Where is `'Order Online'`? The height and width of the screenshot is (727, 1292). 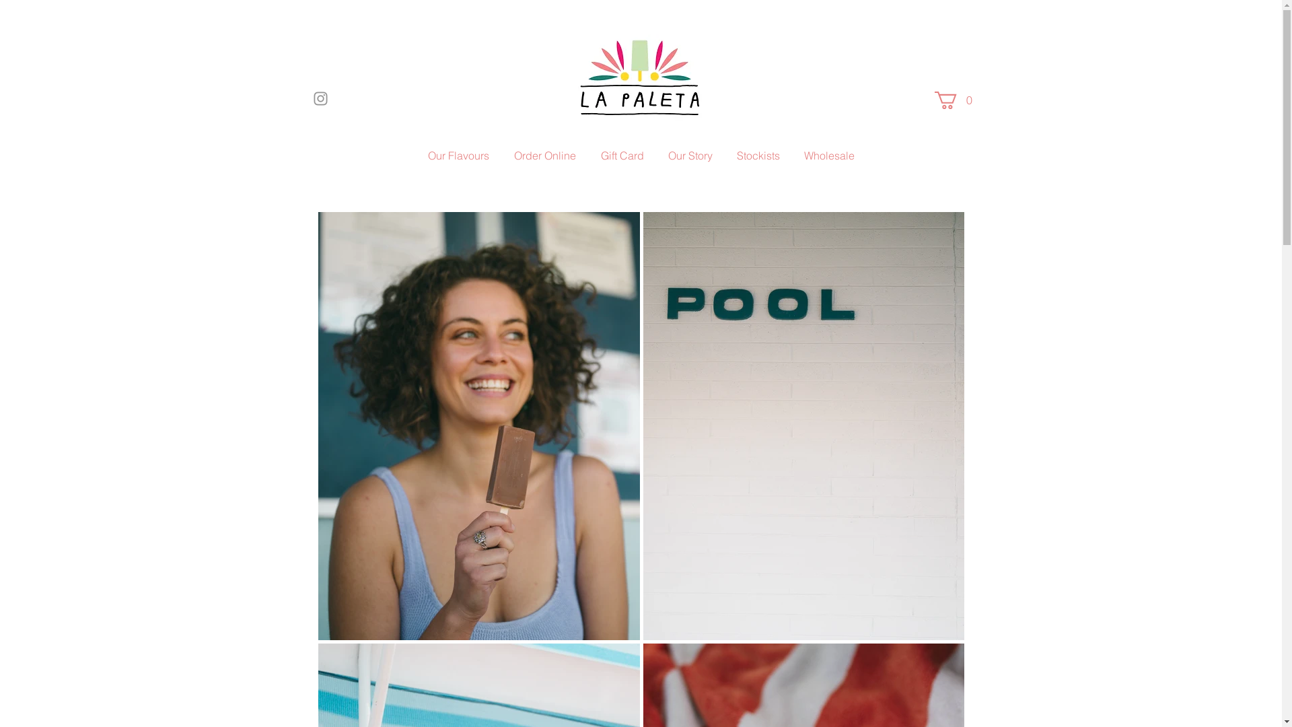 'Order Online' is located at coordinates (545, 155).